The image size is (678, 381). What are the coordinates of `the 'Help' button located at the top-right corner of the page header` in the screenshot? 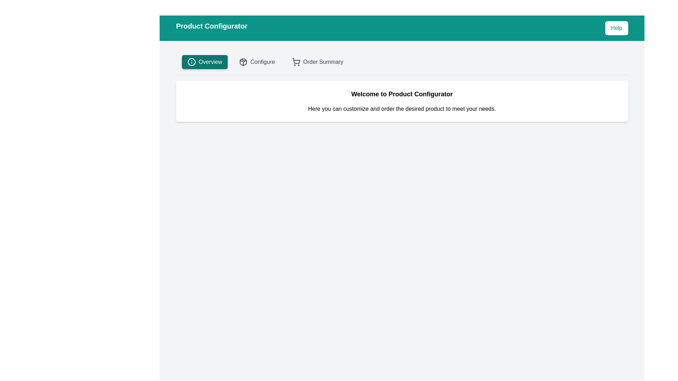 It's located at (616, 28).